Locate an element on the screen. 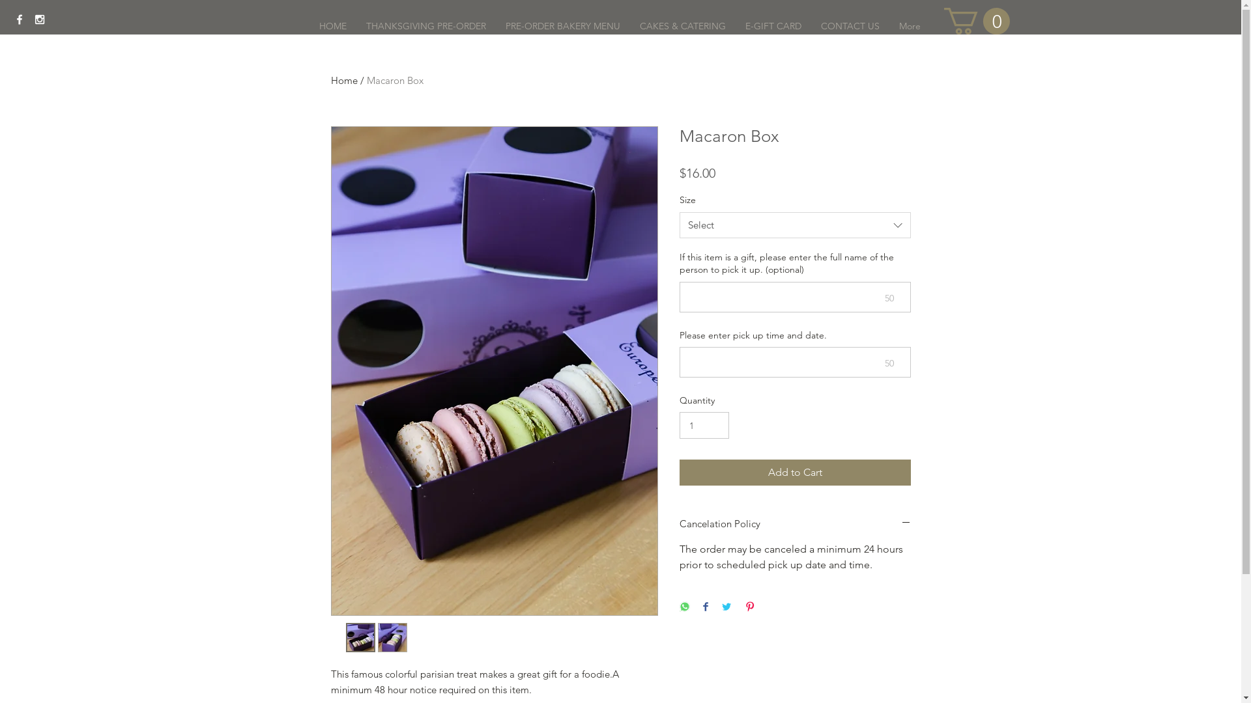  'PRE-ORDER BAKERY MENU' is located at coordinates (562, 25).